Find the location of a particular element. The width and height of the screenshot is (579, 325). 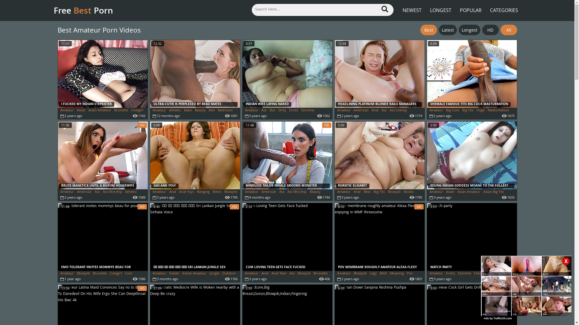

'Athletic' is located at coordinates (174, 110).